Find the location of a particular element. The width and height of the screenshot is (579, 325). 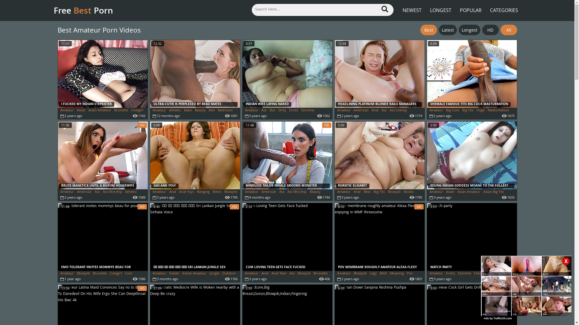

'Athletic' is located at coordinates (174, 110).